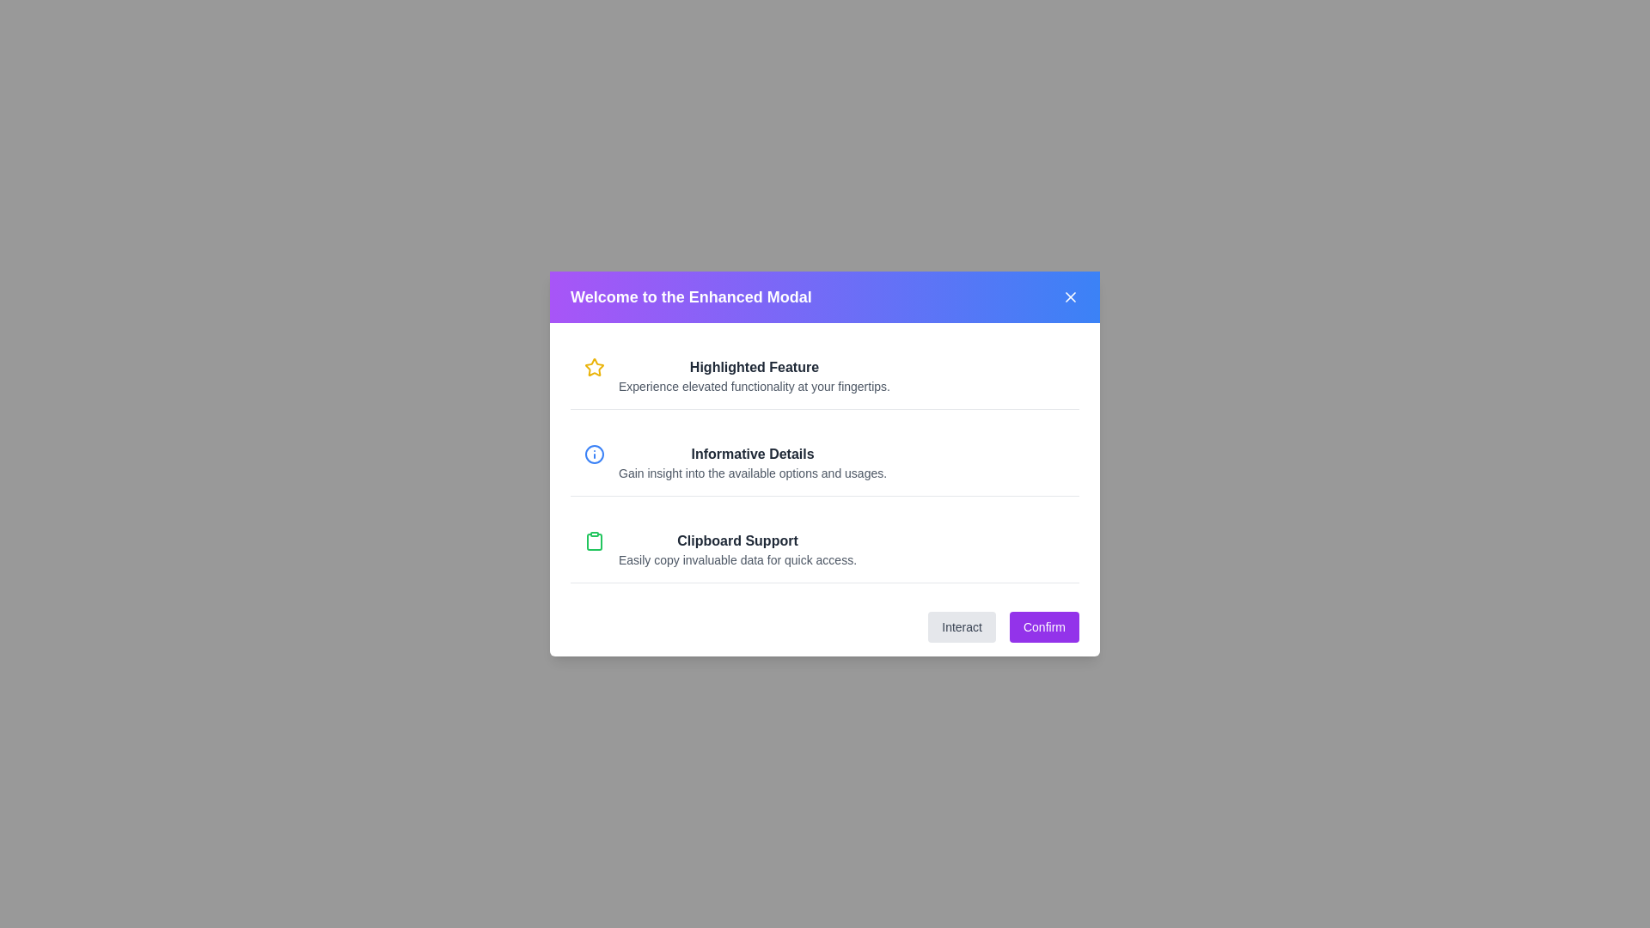 Image resolution: width=1650 pixels, height=928 pixels. What do you see at coordinates (755, 375) in the screenshot?
I see `the informational text block that highlights a specific feature or functionality, located near the top left of the modal interface, above the 'Informative Details' section` at bounding box center [755, 375].